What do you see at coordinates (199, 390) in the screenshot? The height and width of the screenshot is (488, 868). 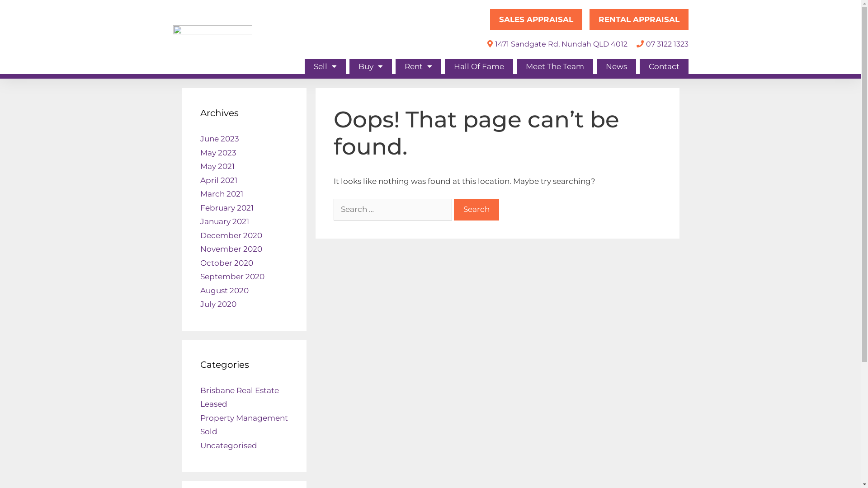 I see `'Brisbane Real Estate'` at bounding box center [199, 390].